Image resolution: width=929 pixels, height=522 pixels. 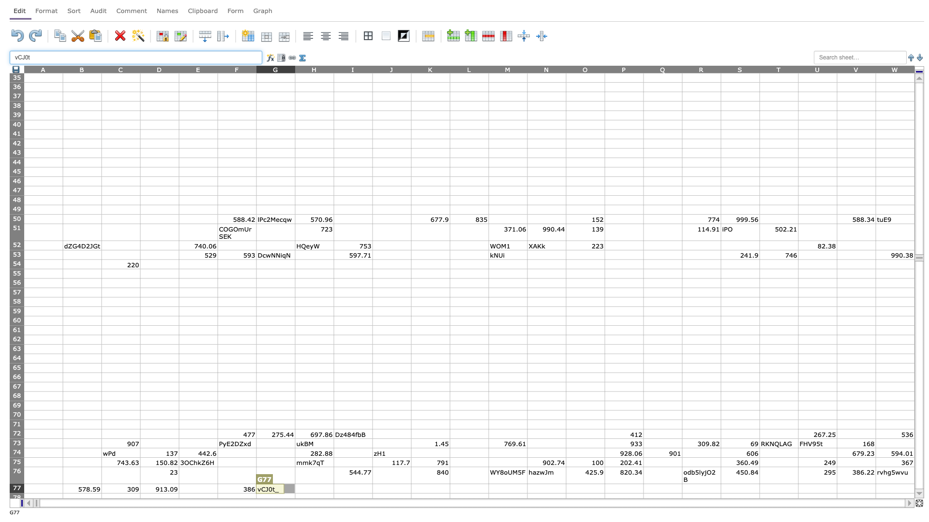 What do you see at coordinates (294, 484) in the screenshot?
I see `top left at column H row 77` at bounding box center [294, 484].